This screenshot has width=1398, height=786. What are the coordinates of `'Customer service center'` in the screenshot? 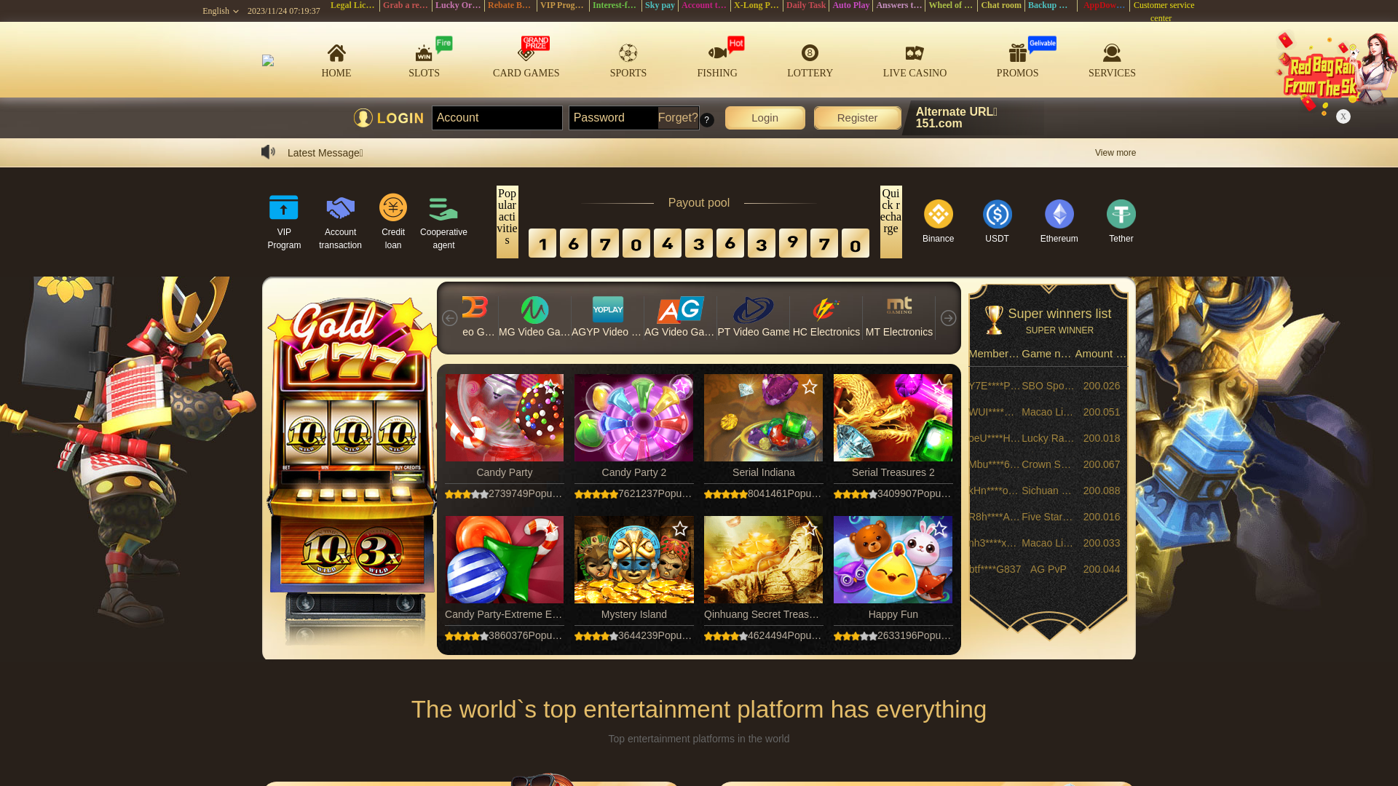 It's located at (1130, 11).